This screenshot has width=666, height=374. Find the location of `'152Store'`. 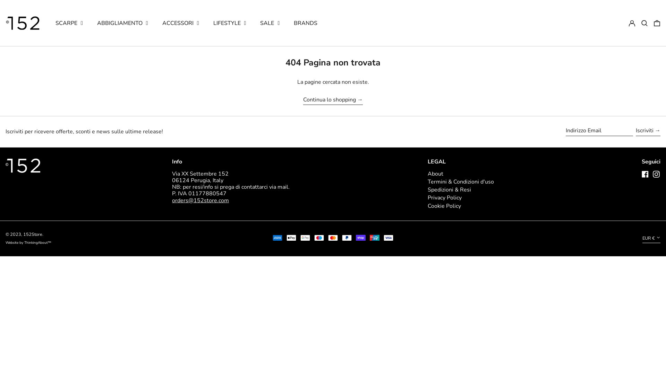

'152Store' is located at coordinates (23, 234).